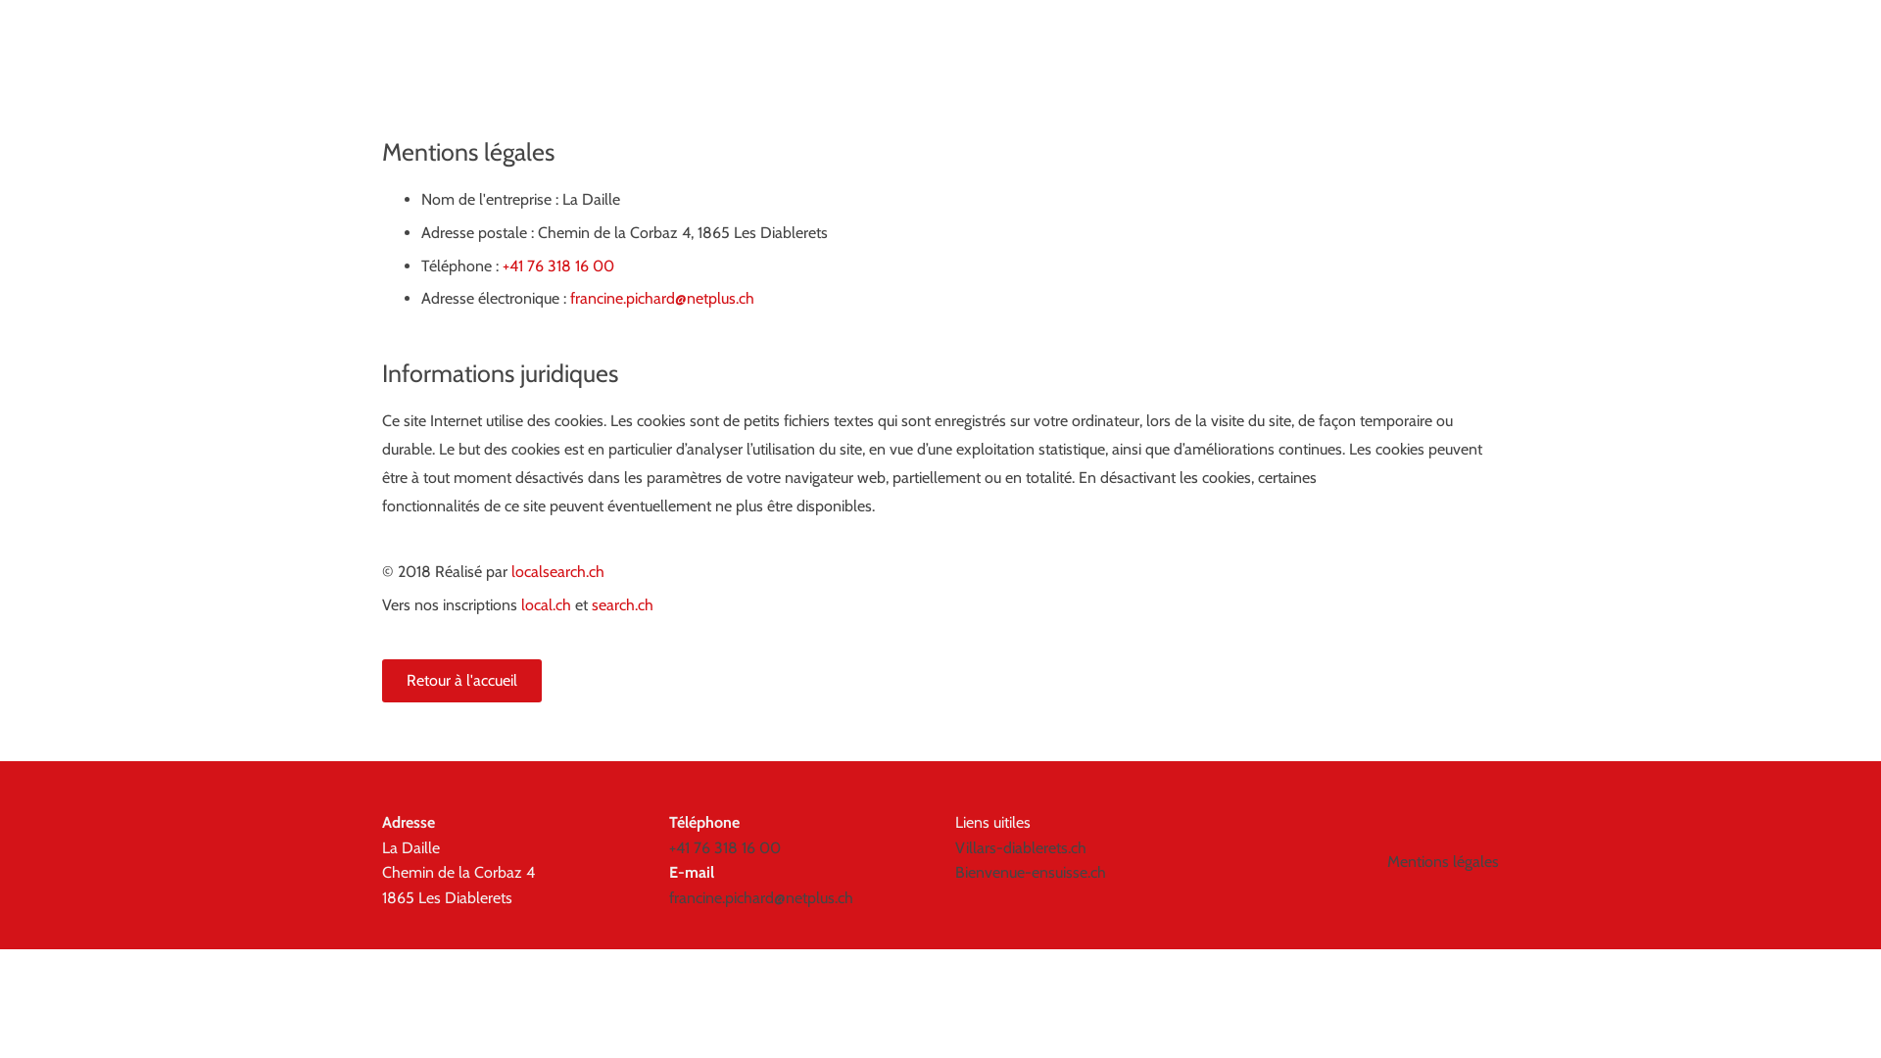  What do you see at coordinates (503, 265) in the screenshot?
I see `'+41 76 318 16 00'` at bounding box center [503, 265].